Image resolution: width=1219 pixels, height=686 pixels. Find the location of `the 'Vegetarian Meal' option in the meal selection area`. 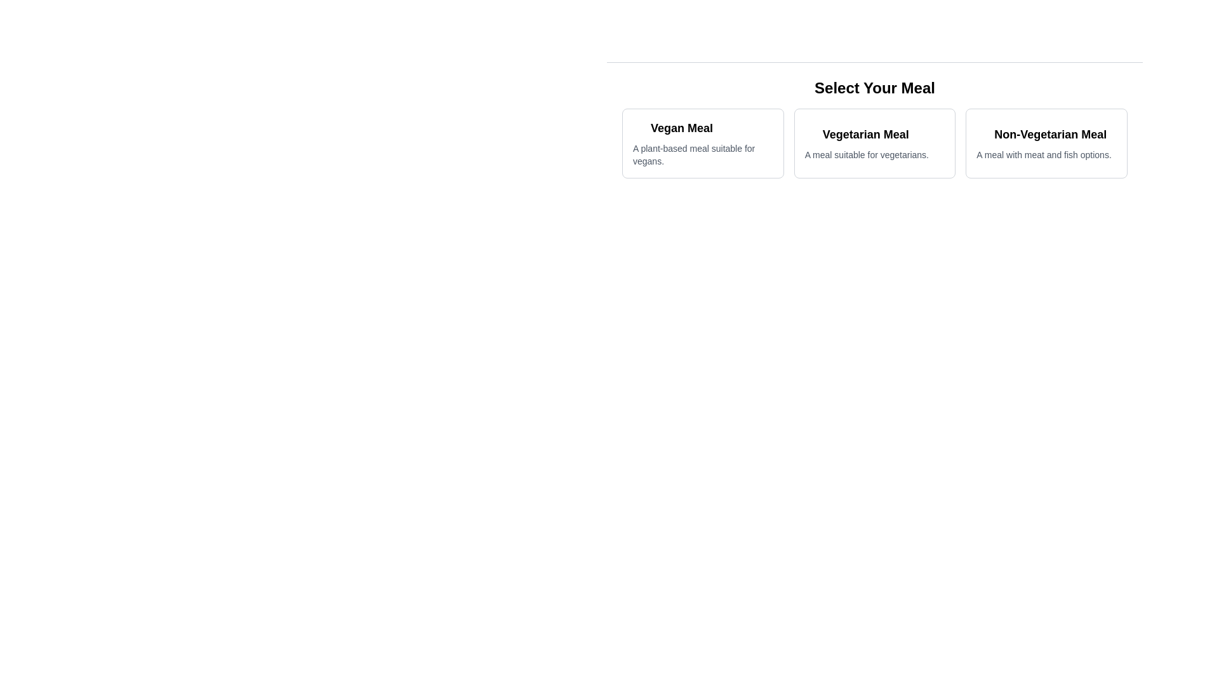

the 'Vegetarian Meal' option in the meal selection area is located at coordinates (874, 128).